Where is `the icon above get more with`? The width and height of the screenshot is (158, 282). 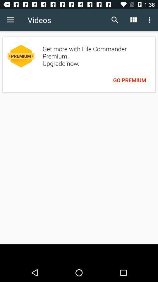 the icon above get more with is located at coordinates (133, 20).